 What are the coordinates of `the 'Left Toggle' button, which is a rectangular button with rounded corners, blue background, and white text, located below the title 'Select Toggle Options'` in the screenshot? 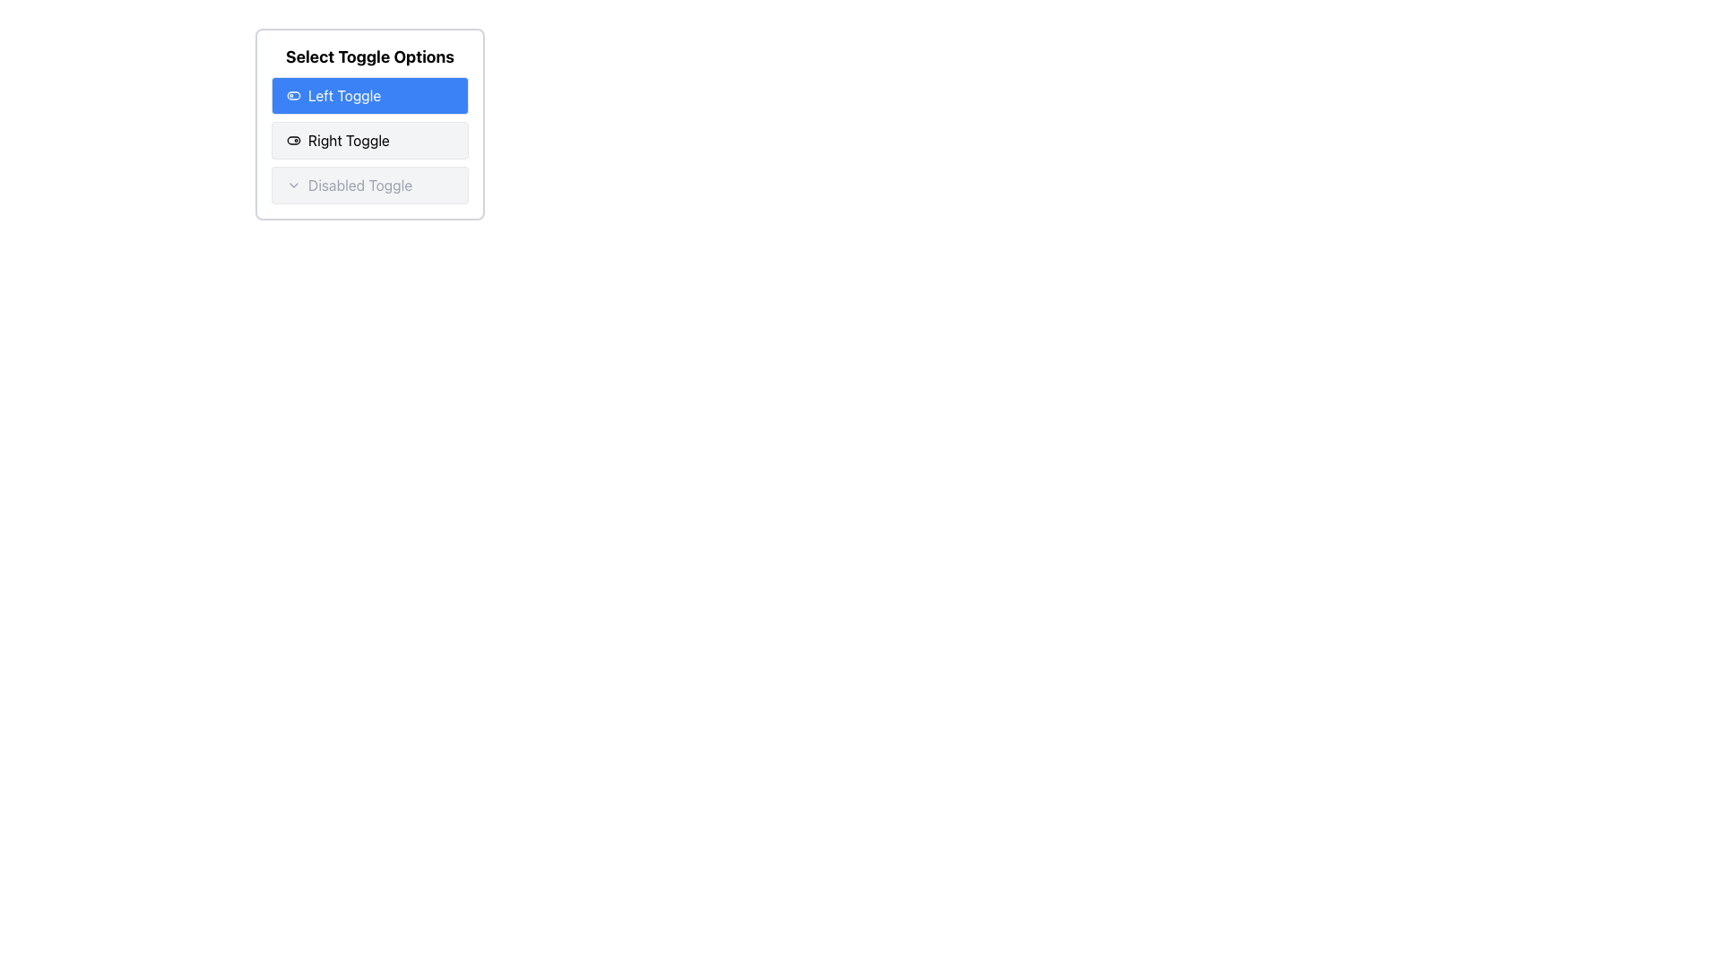 It's located at (368, 96).